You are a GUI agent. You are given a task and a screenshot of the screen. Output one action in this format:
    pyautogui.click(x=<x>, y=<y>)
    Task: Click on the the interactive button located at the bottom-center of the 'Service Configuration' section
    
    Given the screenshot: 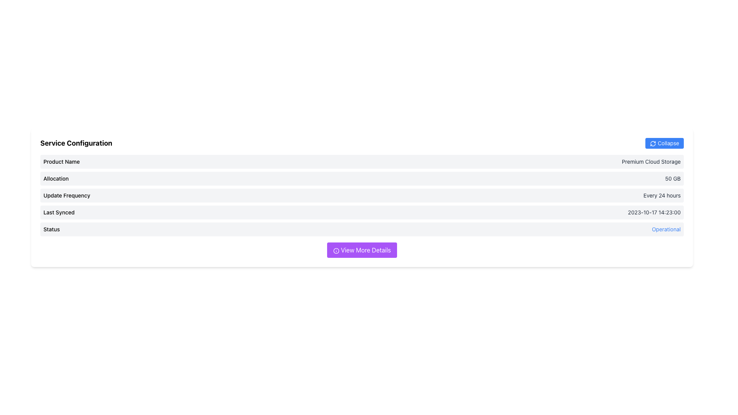 What is the action you would take?
    pyautogui.click(x=361, y=250)
    